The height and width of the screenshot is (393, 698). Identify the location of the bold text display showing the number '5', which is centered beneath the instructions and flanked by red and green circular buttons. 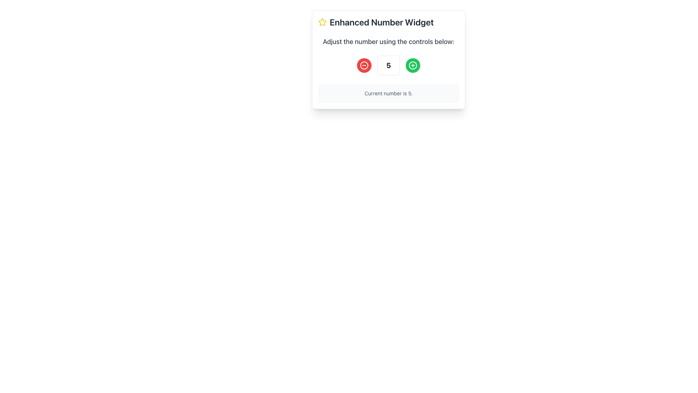
(388, 65).